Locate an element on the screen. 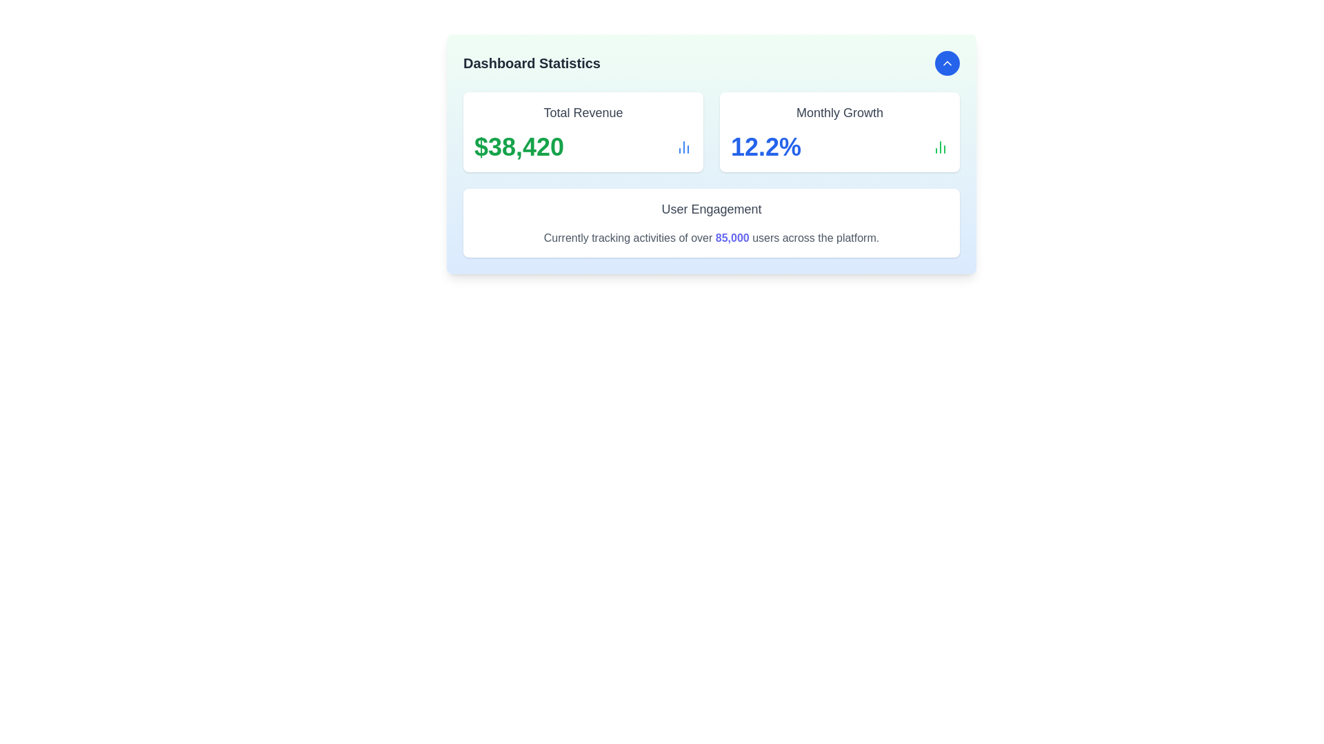 This screenshot has width=1324, height=744. the bold text label displaying 'Dashboard Statistics' at the top-left corner of the dashboard is located at coordinates (531, 63).